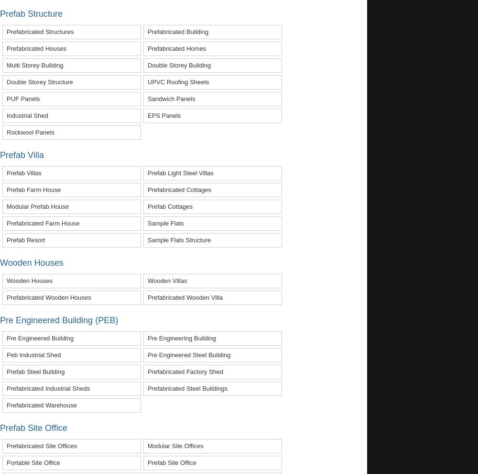  Describe the element at coordinates (182, 337) in the screenshot. I see `'pre engineering building'` at that location.